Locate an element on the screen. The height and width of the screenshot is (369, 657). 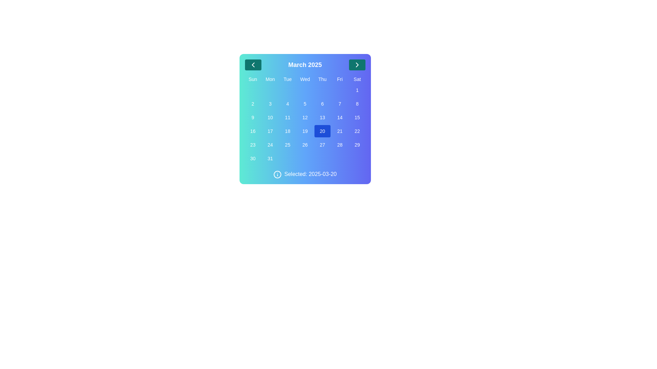
the circular button labeled '6' is located at coordinates (322, 104).